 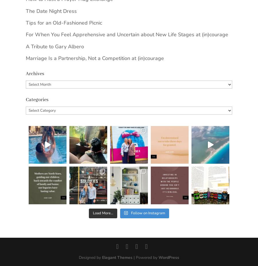 I want to click on 'WordPress', so click(x=169, y=257).